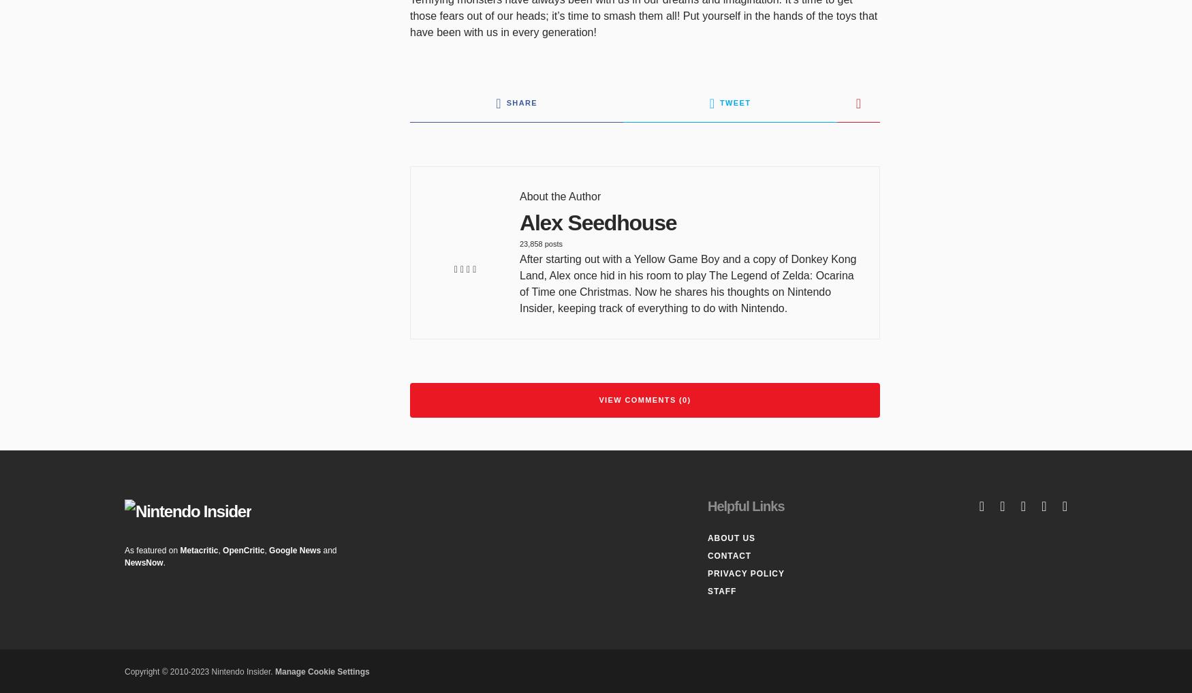  What do you see at coordinates (730, 555) in the screenshot?
I see `'Contact'` at bounding box center [730, 555].